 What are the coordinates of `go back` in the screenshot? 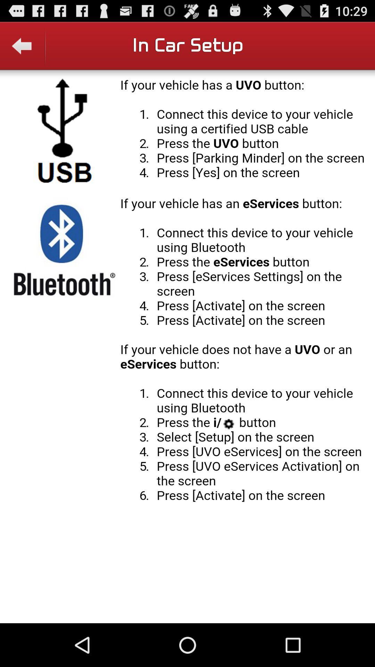 It's located at (22, 50).